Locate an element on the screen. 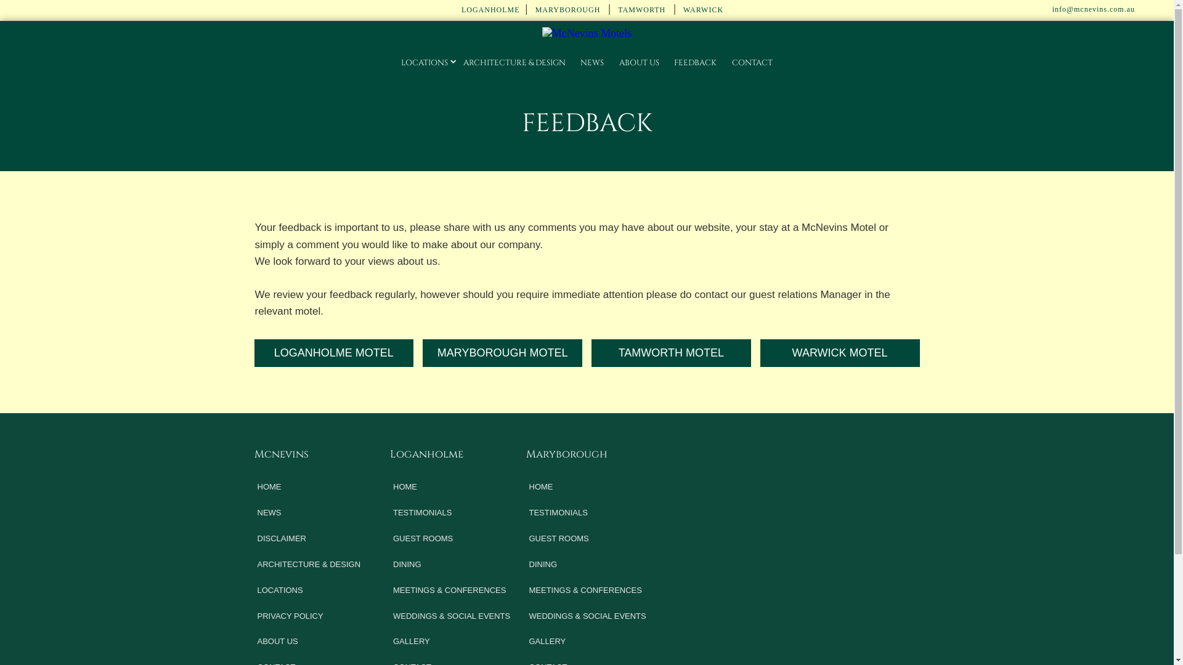  'WARWICK MOTEL' is located at coordinates (839, 353).